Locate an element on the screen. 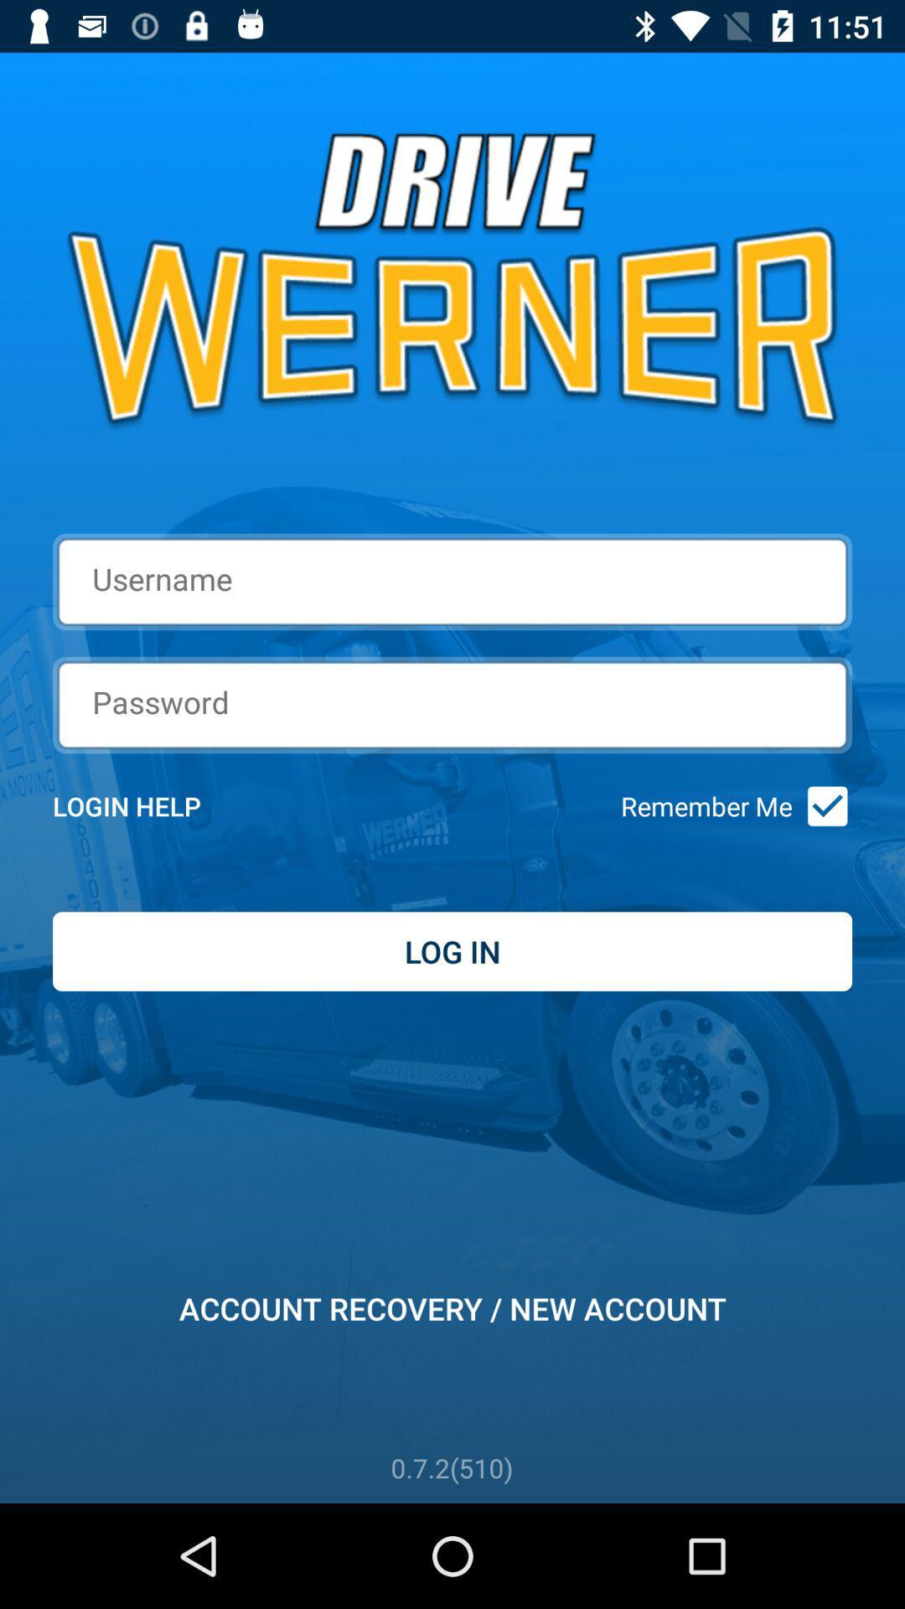  the item next to remember me icon is located at coordinates (148, 806).